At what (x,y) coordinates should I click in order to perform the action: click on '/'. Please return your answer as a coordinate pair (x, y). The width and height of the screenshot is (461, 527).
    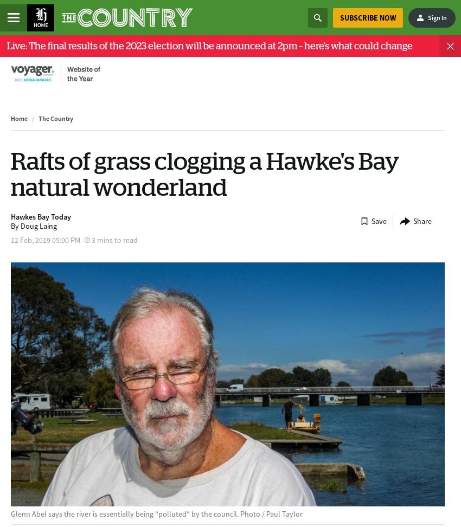
    Looking at the image, I should click on (33, 118).